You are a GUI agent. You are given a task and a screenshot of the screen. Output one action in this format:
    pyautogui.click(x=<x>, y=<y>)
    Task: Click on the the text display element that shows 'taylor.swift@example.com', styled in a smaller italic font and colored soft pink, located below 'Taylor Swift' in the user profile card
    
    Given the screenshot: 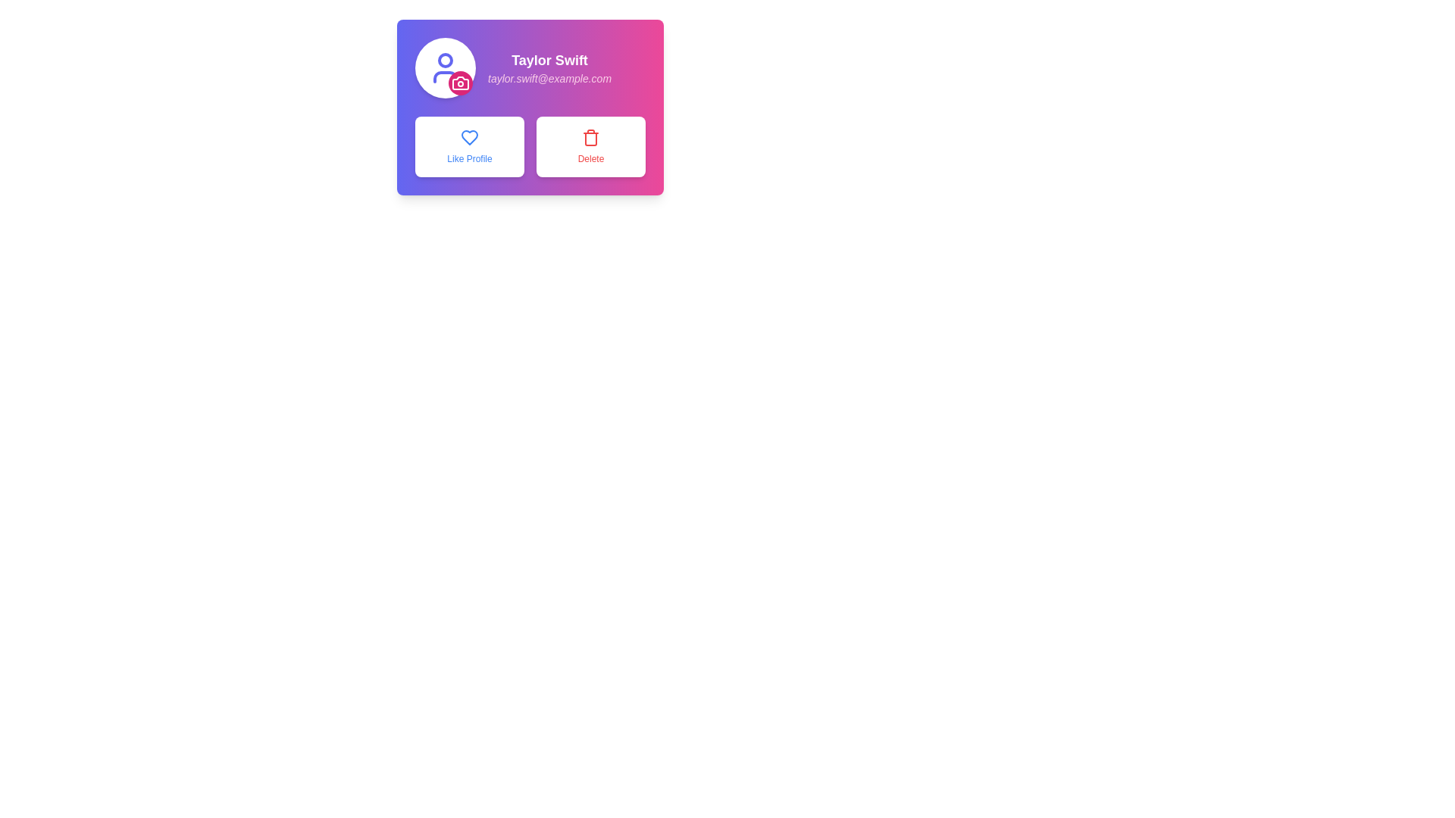 What is the action you would take?
    pyautogui.click(x=549, y=79)
    